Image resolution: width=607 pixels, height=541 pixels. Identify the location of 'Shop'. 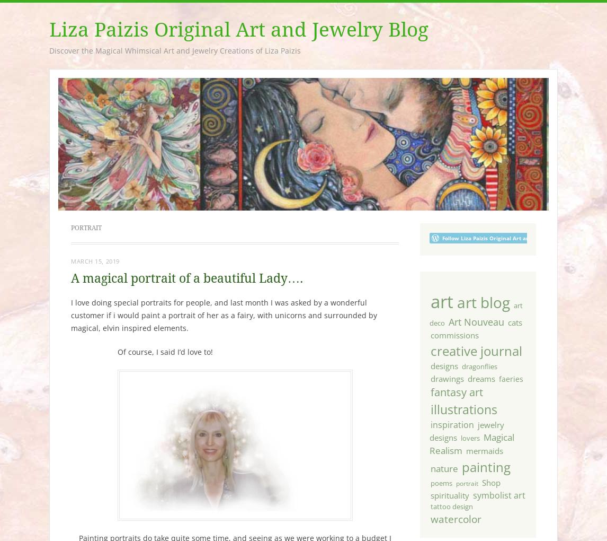
(490, 482).